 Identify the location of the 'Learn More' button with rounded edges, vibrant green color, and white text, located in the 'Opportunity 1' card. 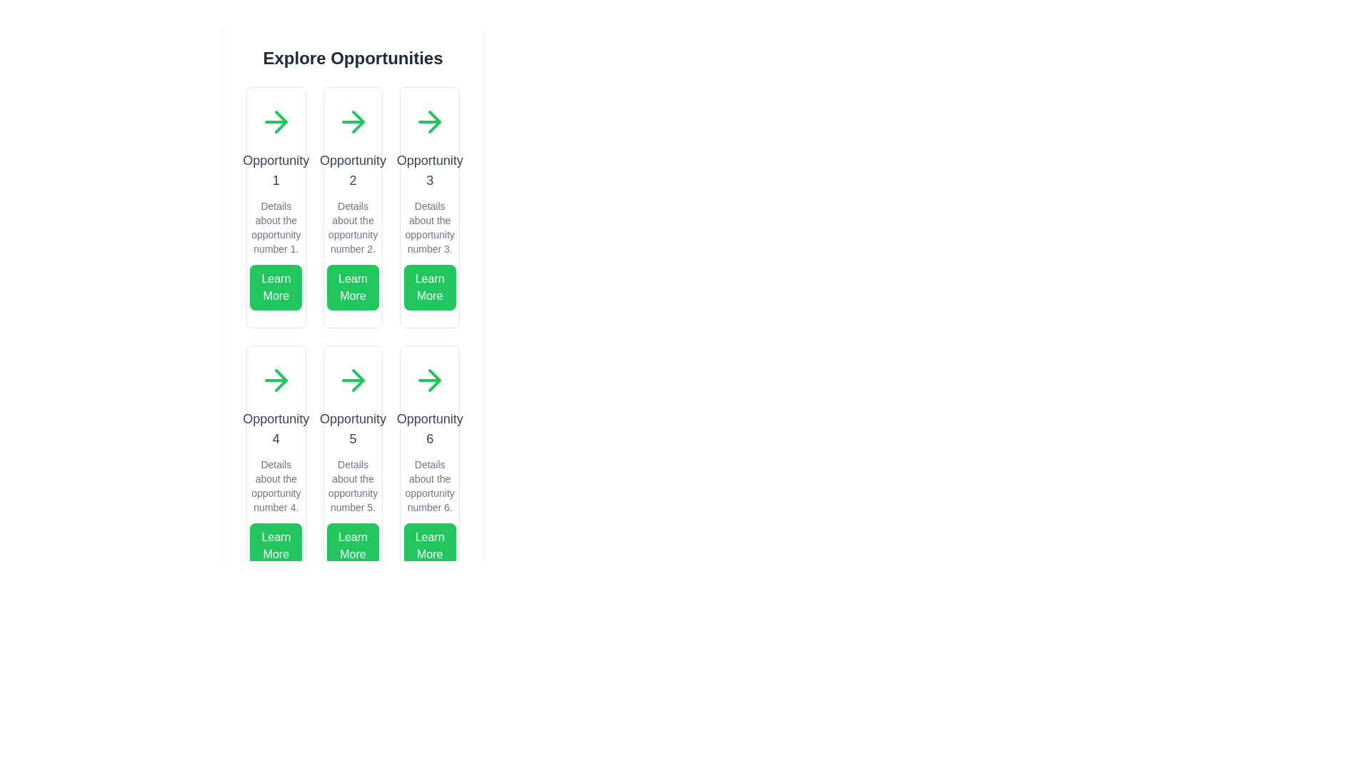
(276, 287).